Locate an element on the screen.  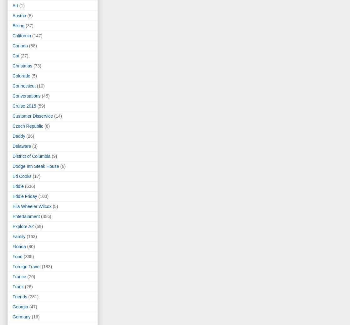
'Christmas' is located at coordinates (13, 66).